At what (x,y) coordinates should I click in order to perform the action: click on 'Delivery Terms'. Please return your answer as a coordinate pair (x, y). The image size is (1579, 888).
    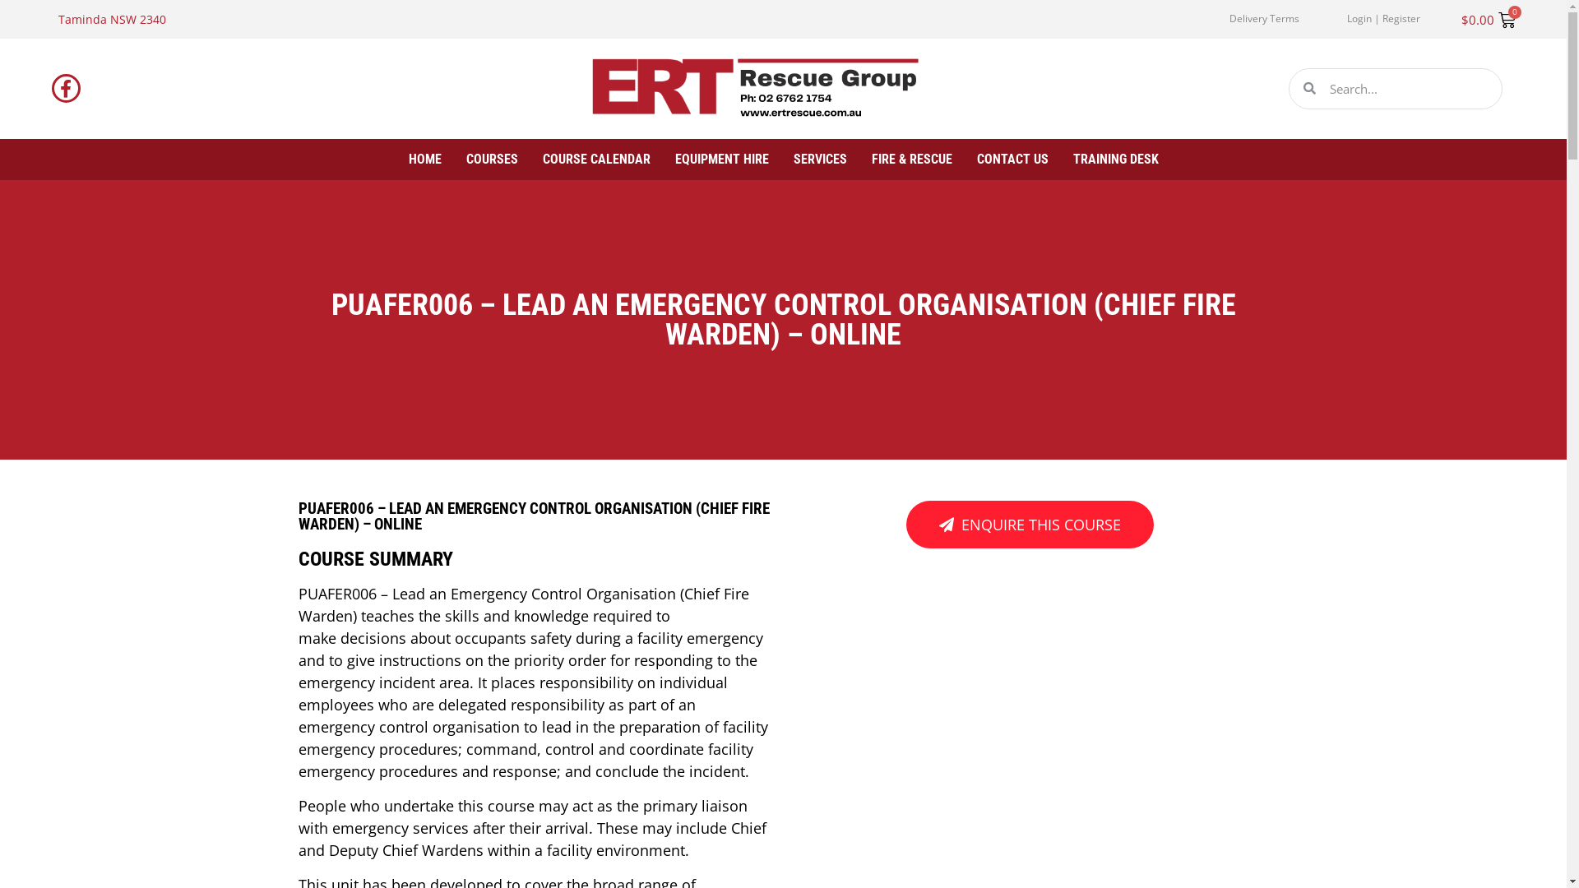
    Looking at the image, I should click on (1263, 19).